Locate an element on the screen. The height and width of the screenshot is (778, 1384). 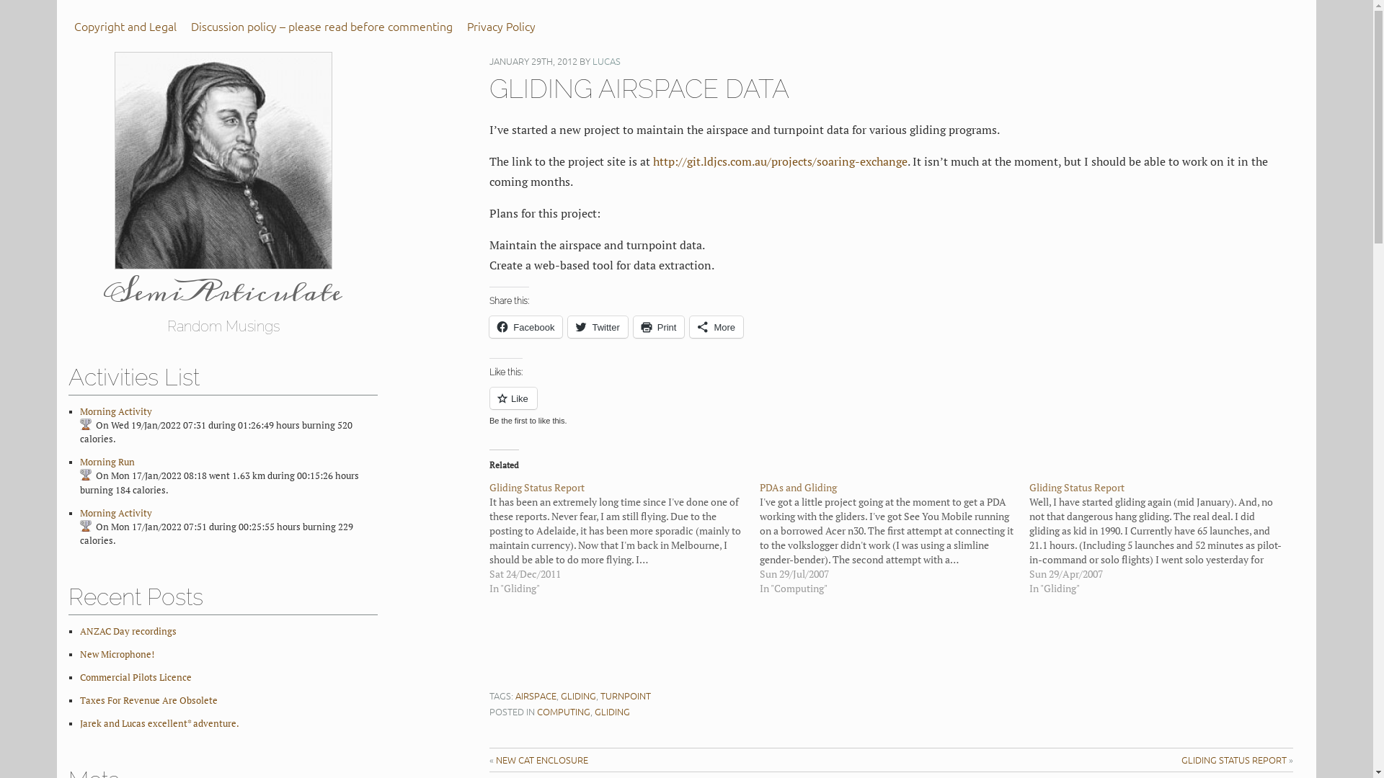
'PDAs and Gliding' is located at coordinates (894, 538).